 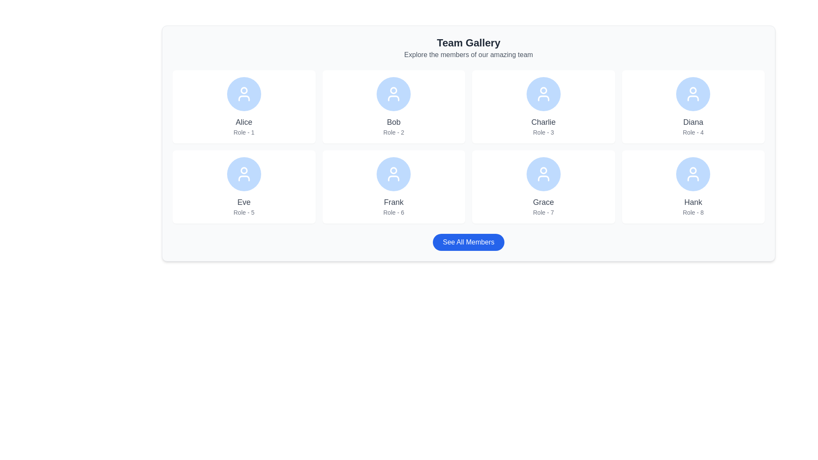 What do you see at coordinates (693, 94) in the screenshot?
I see `the circular icon with a light blue background and white user silhouette symbol, which is centrally positioned within the card labeled 'Diana \n Role - 4', located in the top right corner of the grid layout` at bounding box center [693, 94].